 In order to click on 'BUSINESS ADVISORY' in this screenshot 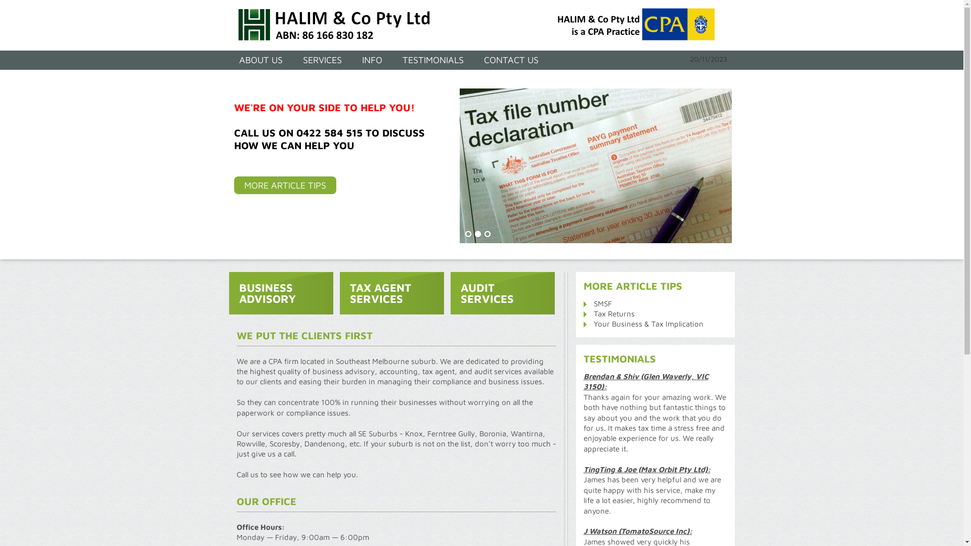, I will do `click(281, 293)`.